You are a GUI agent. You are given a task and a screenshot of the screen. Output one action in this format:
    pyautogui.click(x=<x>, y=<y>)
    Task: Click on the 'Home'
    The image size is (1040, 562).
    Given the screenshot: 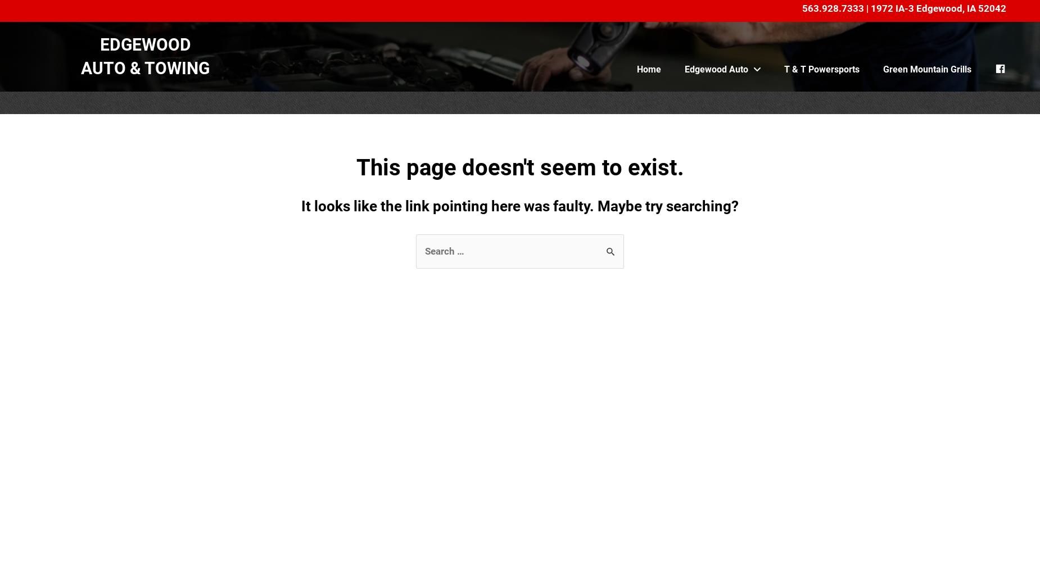 What is the action you would take?
    pyautogui.click(x=648, y=68)
    